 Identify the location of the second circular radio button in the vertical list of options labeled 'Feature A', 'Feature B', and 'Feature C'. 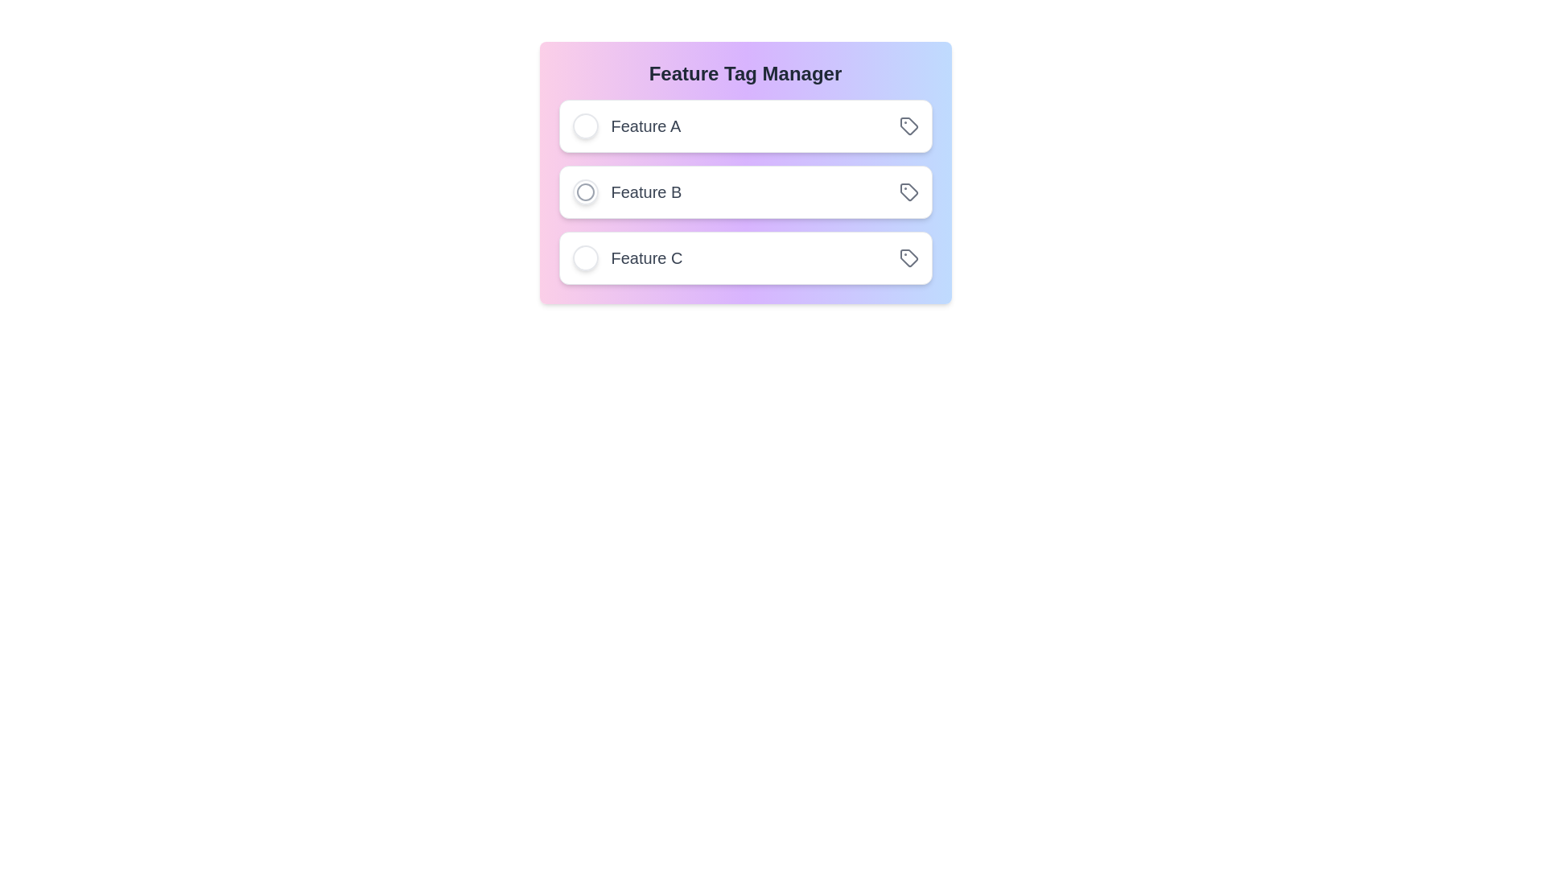
(584, 192).